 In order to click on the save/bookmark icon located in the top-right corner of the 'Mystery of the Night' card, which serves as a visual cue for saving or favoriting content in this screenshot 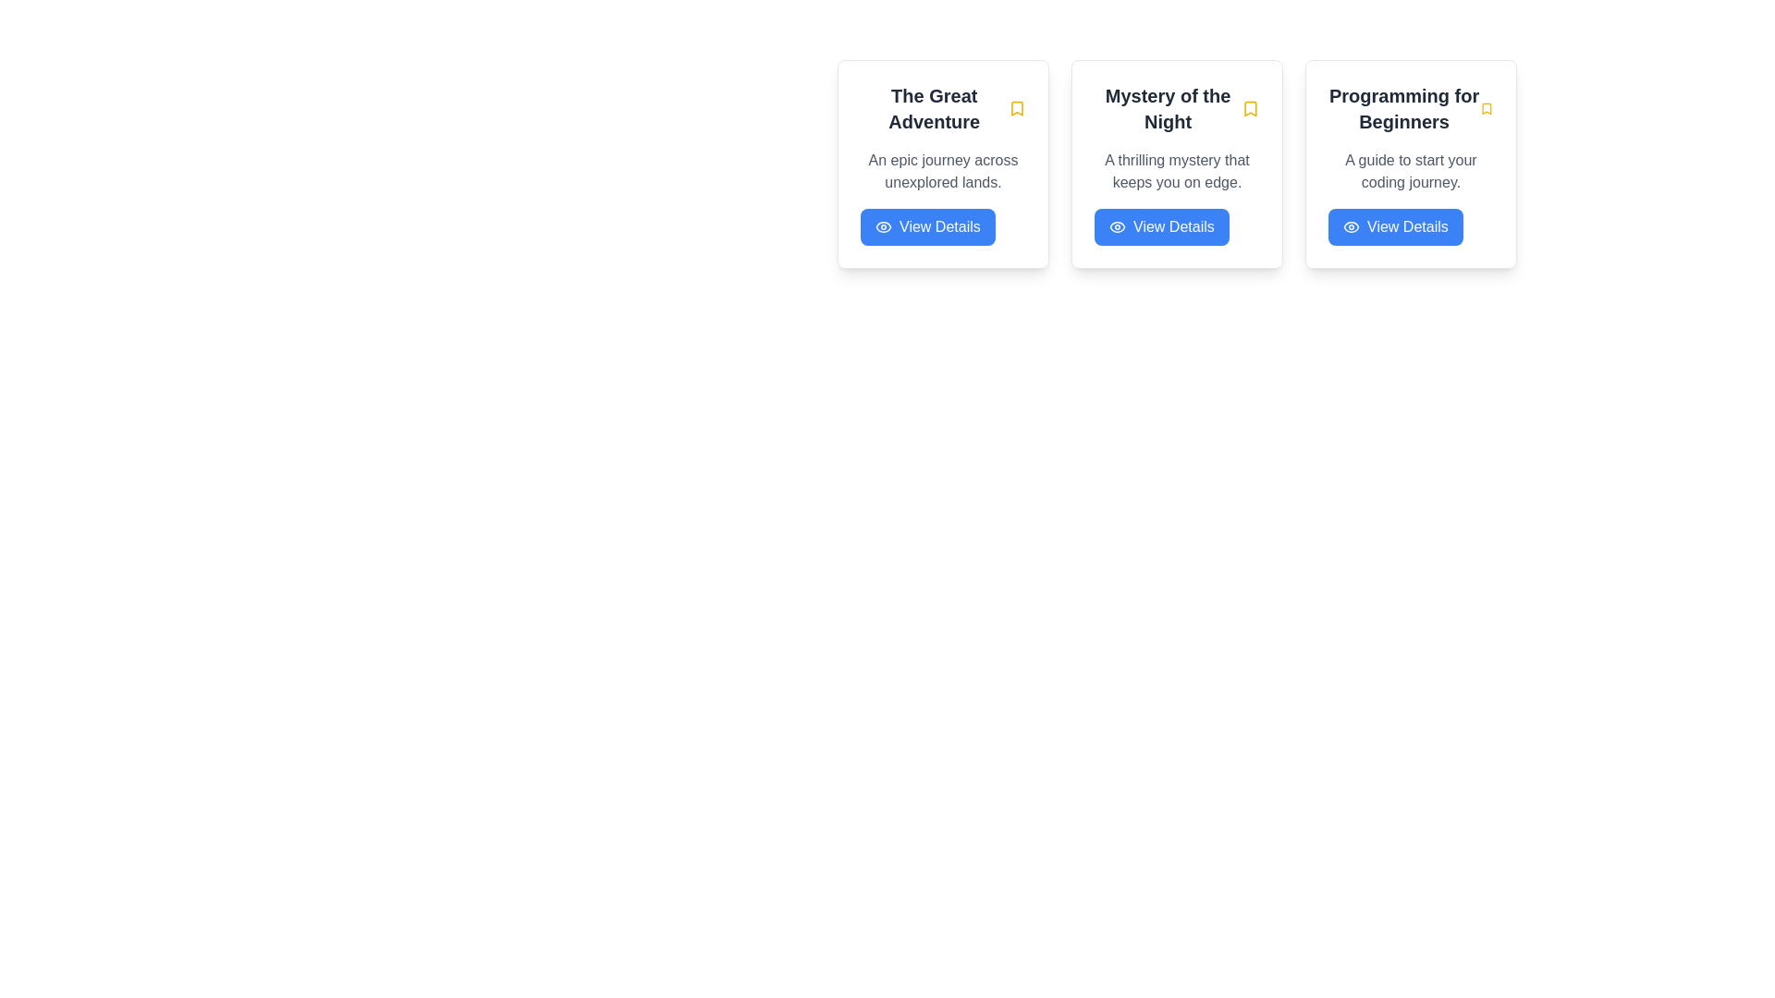, I will do `click(1251, 109)`.